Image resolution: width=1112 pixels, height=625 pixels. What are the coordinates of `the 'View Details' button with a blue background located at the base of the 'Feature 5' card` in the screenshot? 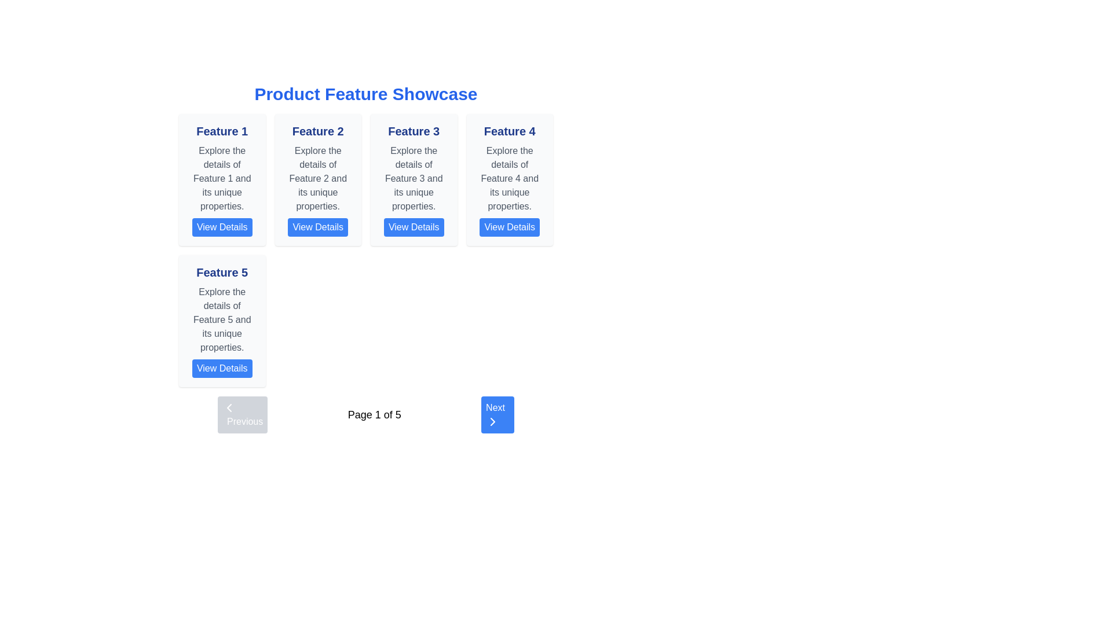 It's located at (222, 368).